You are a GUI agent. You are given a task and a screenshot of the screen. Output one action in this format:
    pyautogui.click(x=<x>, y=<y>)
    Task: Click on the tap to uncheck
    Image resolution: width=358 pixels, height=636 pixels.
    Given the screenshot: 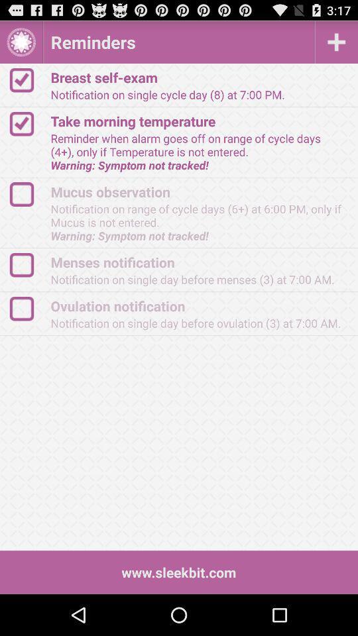 What is the action you would take?
    pyautogui.click(x=28, y=79)
    